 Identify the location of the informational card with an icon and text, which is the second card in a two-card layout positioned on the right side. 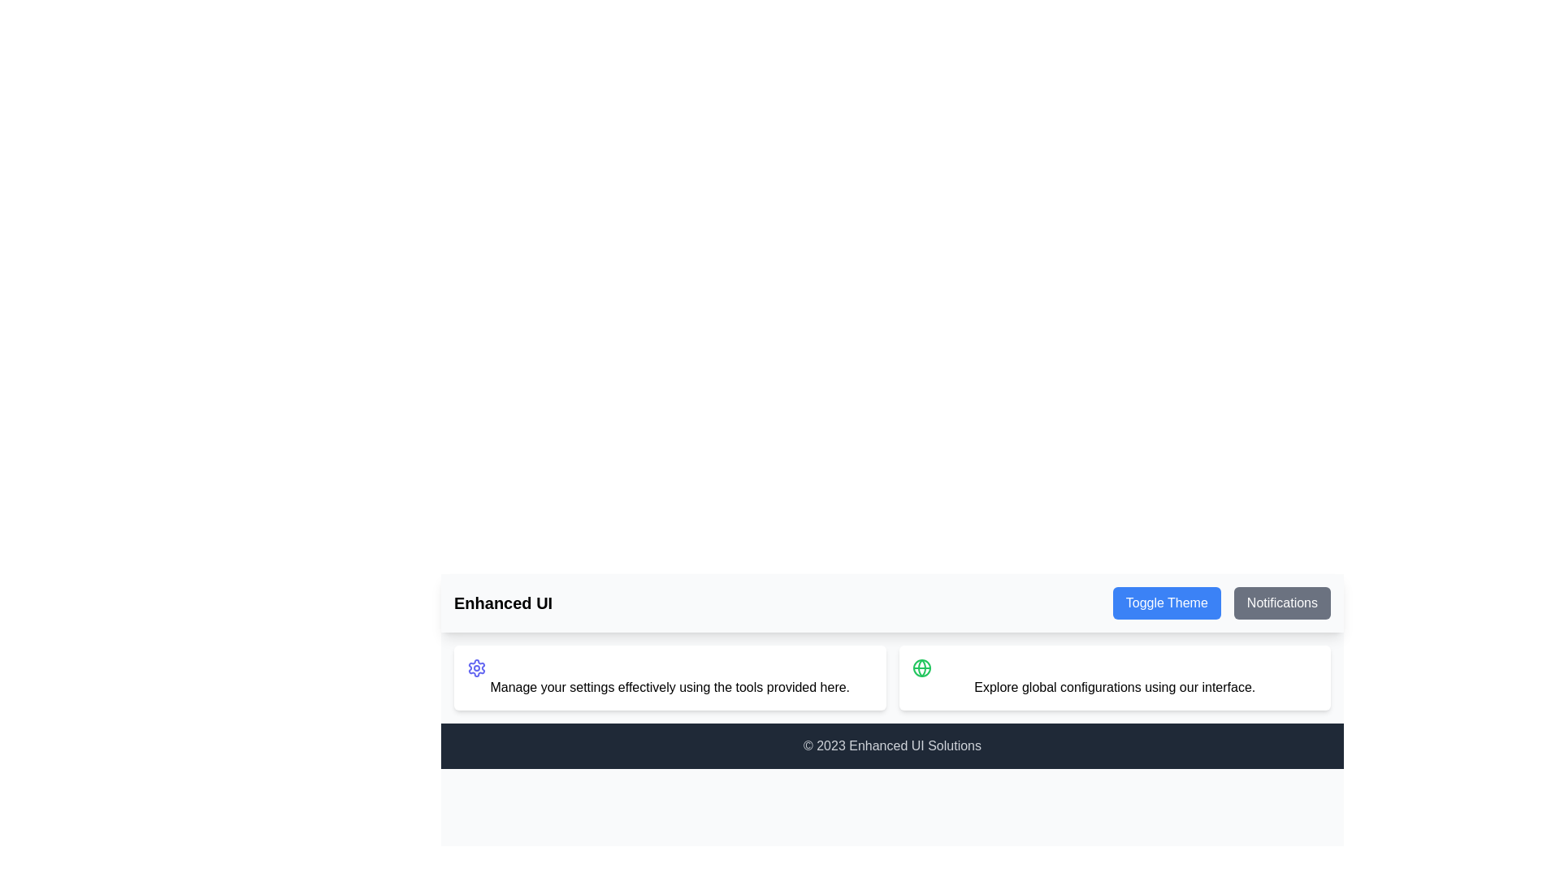
(1114, 677).